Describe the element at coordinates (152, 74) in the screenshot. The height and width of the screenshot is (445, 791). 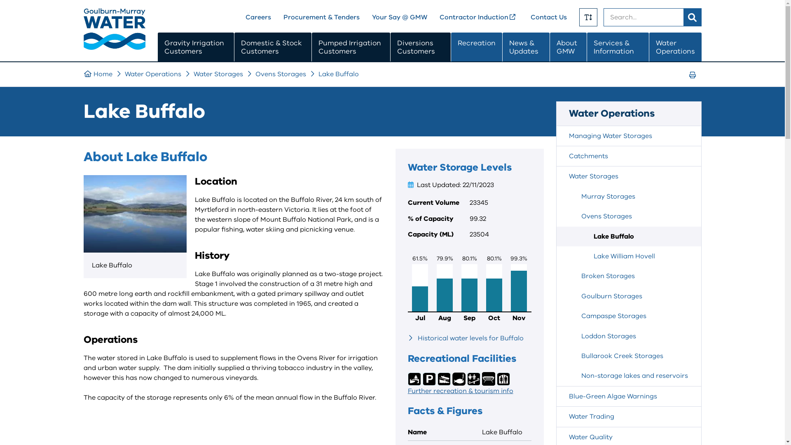
I see `'Water Operations'` at that location.